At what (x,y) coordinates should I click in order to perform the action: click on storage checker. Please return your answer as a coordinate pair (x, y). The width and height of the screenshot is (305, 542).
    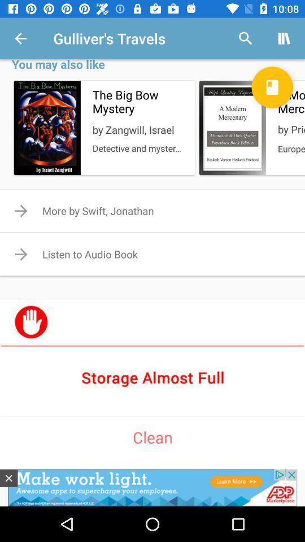
    Looking at the image, I should click on (152, 377).